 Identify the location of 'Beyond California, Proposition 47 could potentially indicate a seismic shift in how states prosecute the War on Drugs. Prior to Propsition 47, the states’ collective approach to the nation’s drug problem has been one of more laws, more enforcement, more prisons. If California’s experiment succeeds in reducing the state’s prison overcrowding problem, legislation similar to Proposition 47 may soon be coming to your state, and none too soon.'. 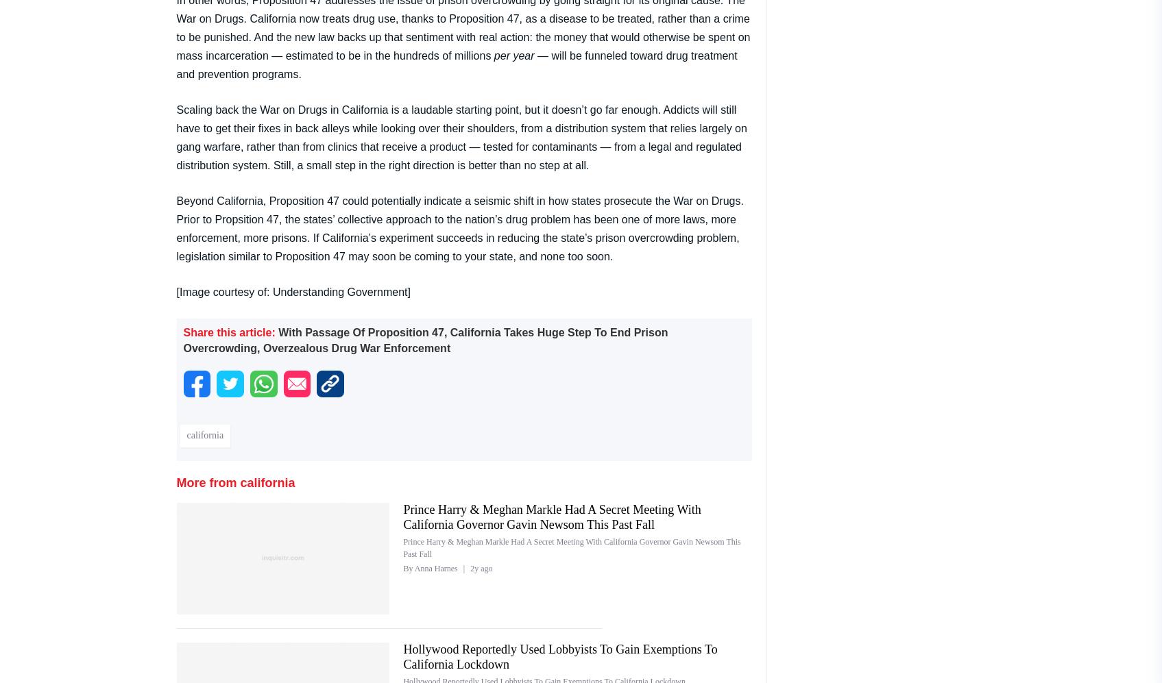
(459, 227).